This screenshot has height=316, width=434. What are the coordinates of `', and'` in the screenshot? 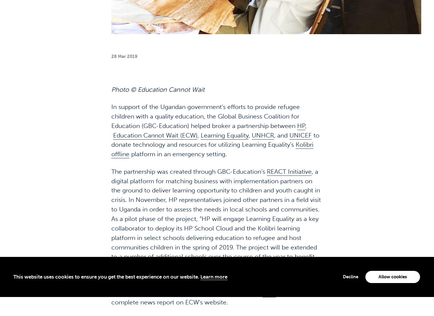 It's located at (281, 116).